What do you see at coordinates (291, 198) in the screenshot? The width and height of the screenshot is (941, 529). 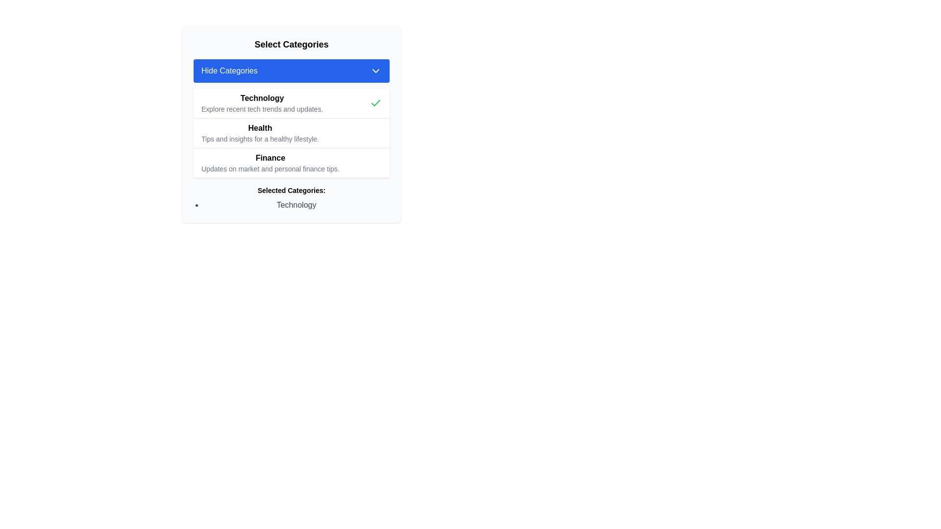 I see `text displayed in the Text Label at the bottom of the categorized selection card, which summarizes the chosen categories` at bounding box center [291, 198].